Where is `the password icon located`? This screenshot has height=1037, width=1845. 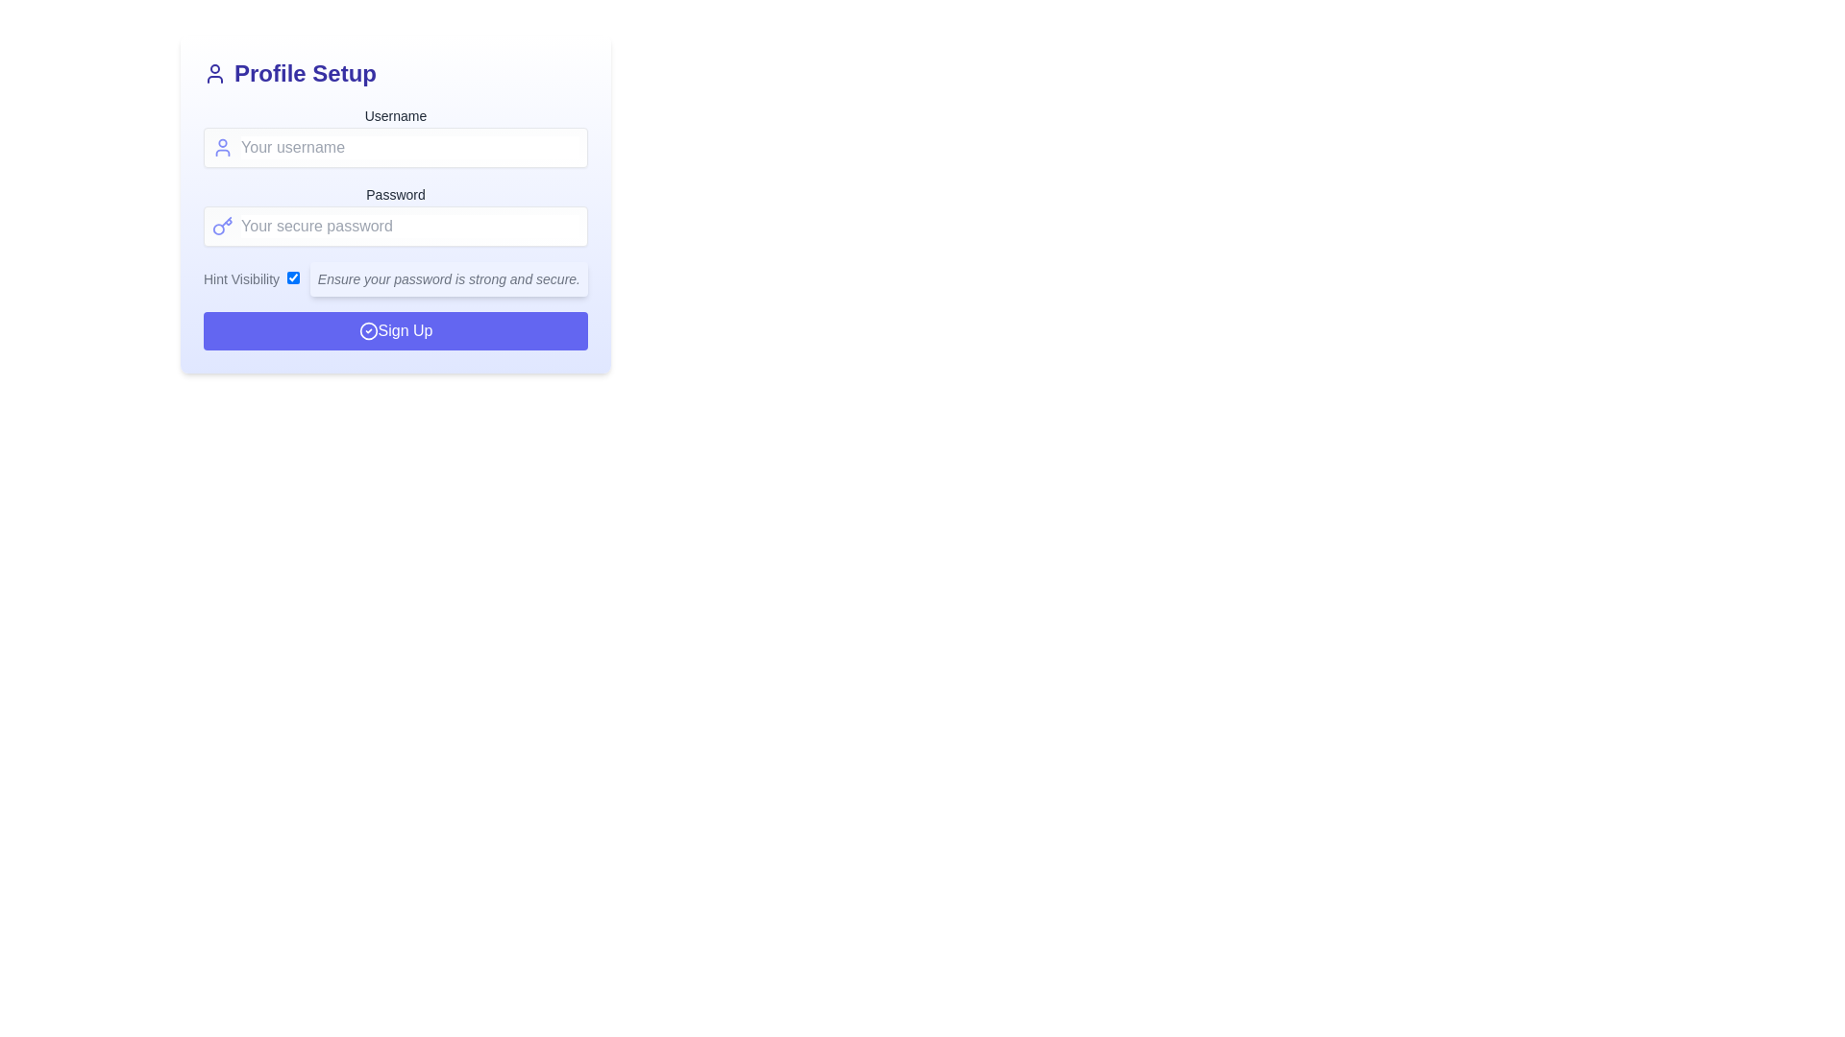 the password icon located is located at coordinates (223, 225).